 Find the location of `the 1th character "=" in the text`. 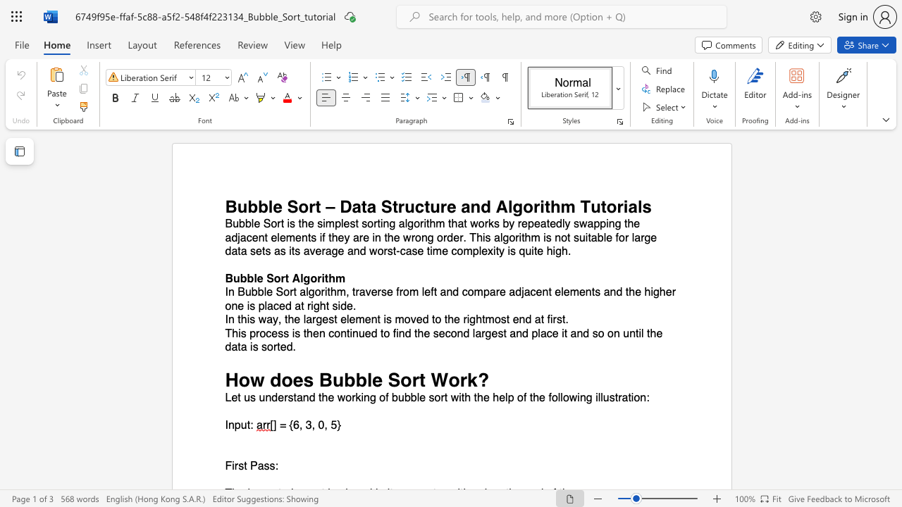

the 1th character "=" in the text is located at coordinates (282, 425).